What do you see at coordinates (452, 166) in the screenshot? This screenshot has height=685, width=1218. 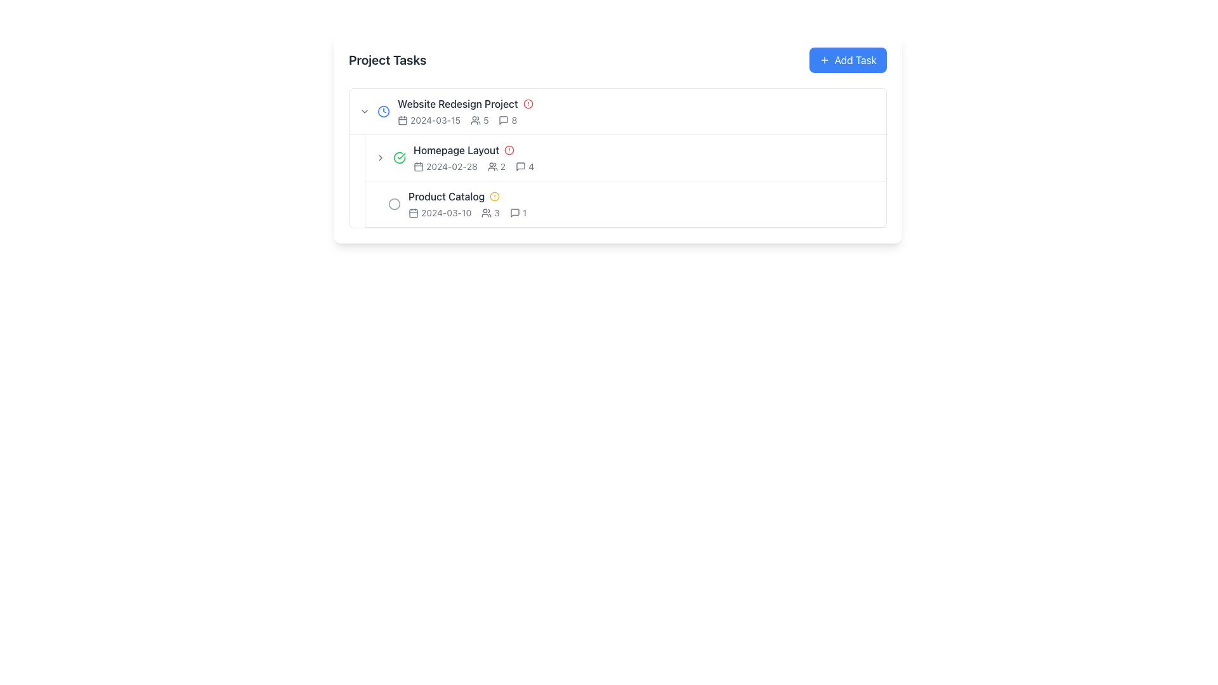 I see `date displayed in the text label indicating the due date for the task 'Homepage Layout', which is located in the second row of the task list, positioned between a calendar icon and icons for people and comments` at bounding box center [452, 166].